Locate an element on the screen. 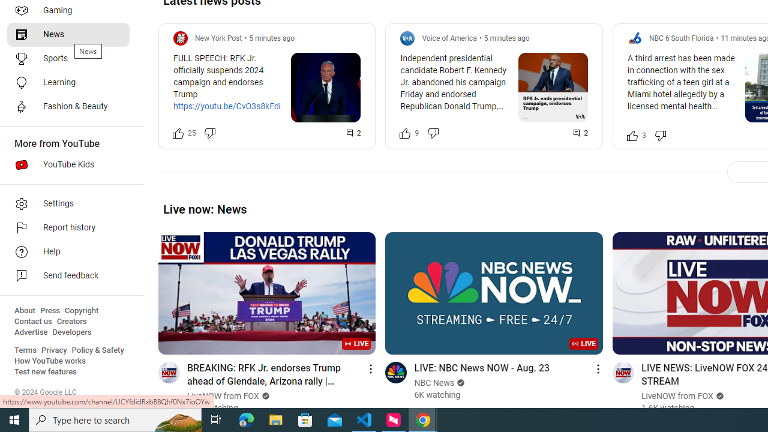  'NBC News' is located at coordinates (434, 383).